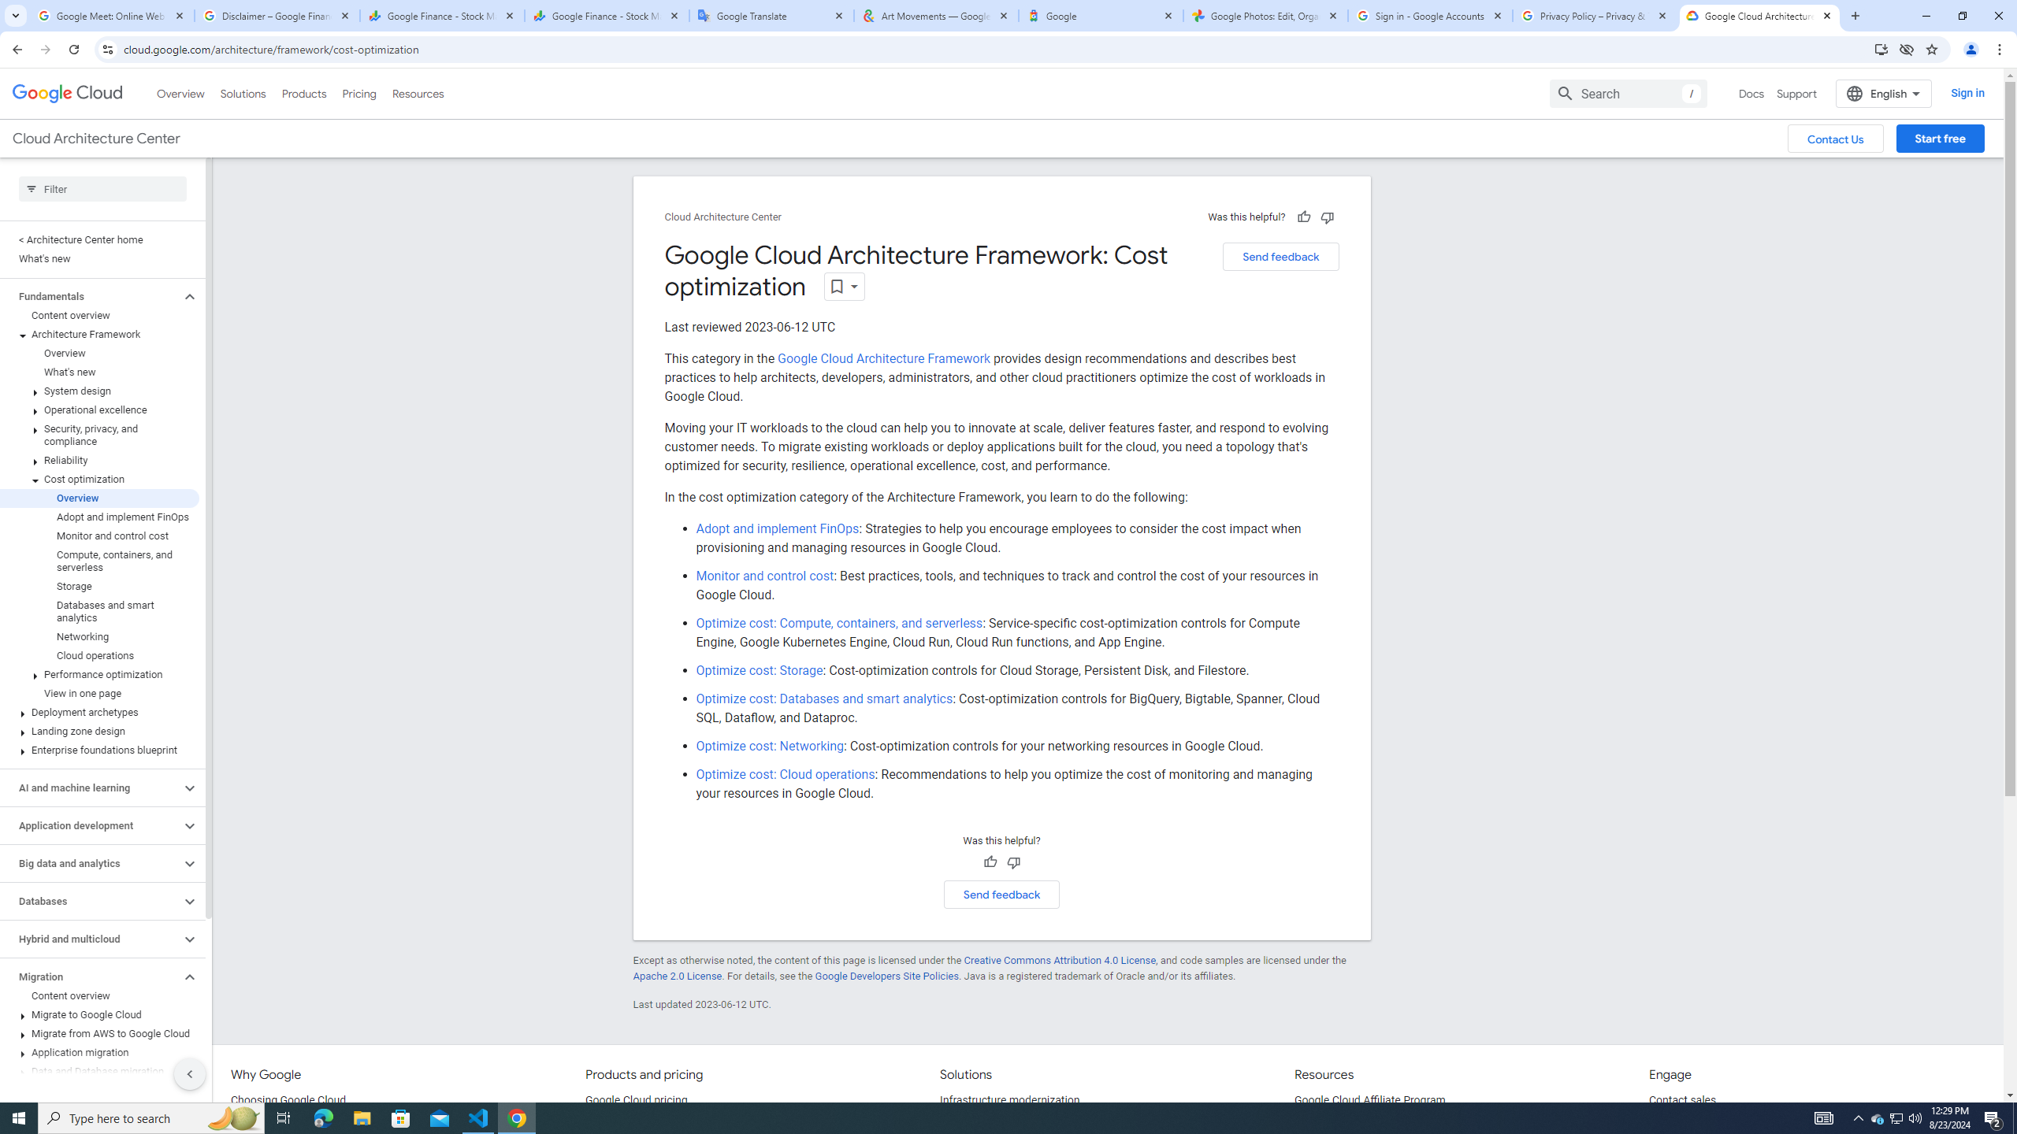 The width and height of the screenshot is (2017, 1134). I want to click on 'Products', so click(303, 93).